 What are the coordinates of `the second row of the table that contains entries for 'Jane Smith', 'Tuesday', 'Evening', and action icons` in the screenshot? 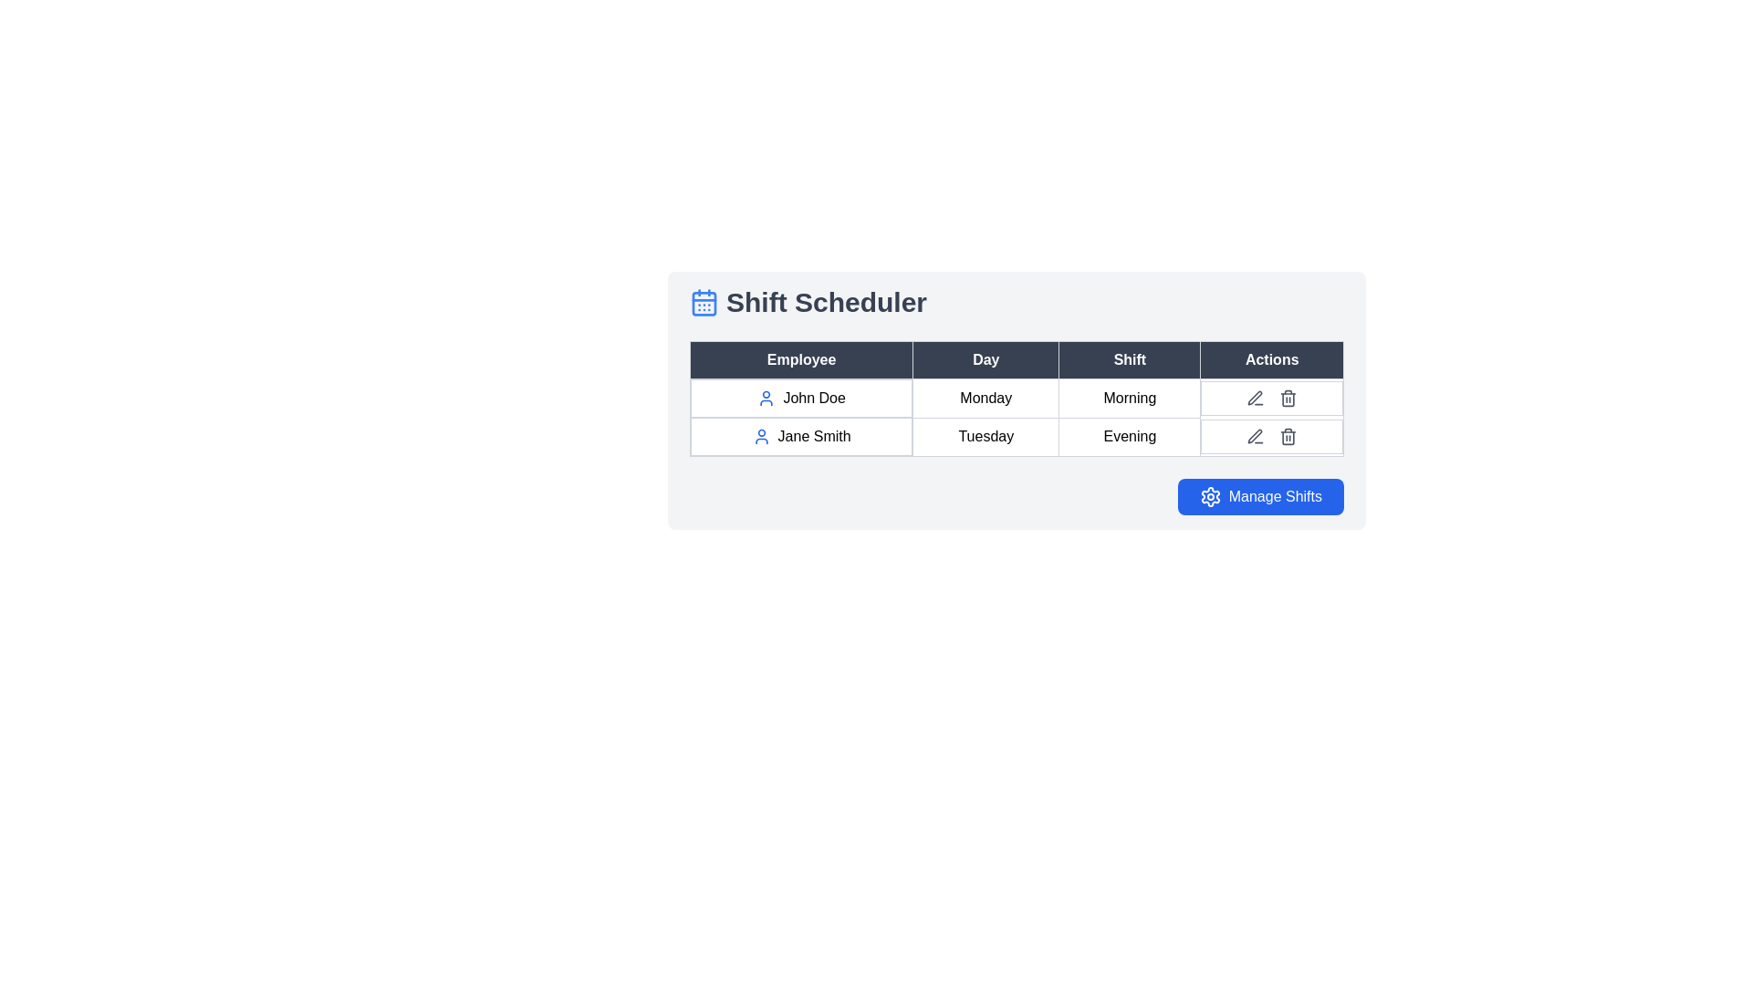 It's located at (1016, 437).